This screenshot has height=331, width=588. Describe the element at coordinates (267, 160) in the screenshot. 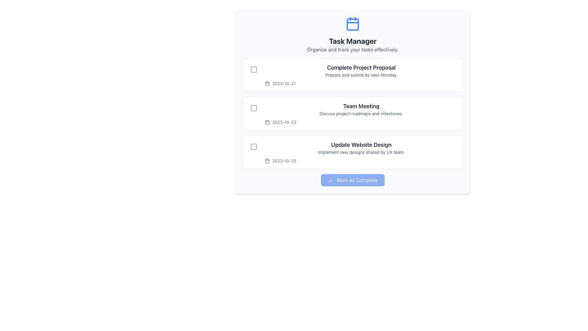

I see `the Calendar icon located to the left of the text '2023-10-25', part of the date-labeling interface near the bottom of the task list, corresponding to 'Update Website Design'` at that location.